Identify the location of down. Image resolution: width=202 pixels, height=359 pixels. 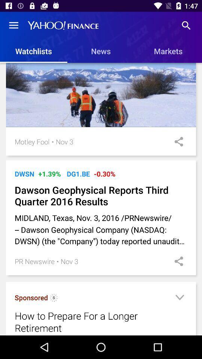
(179, 298).